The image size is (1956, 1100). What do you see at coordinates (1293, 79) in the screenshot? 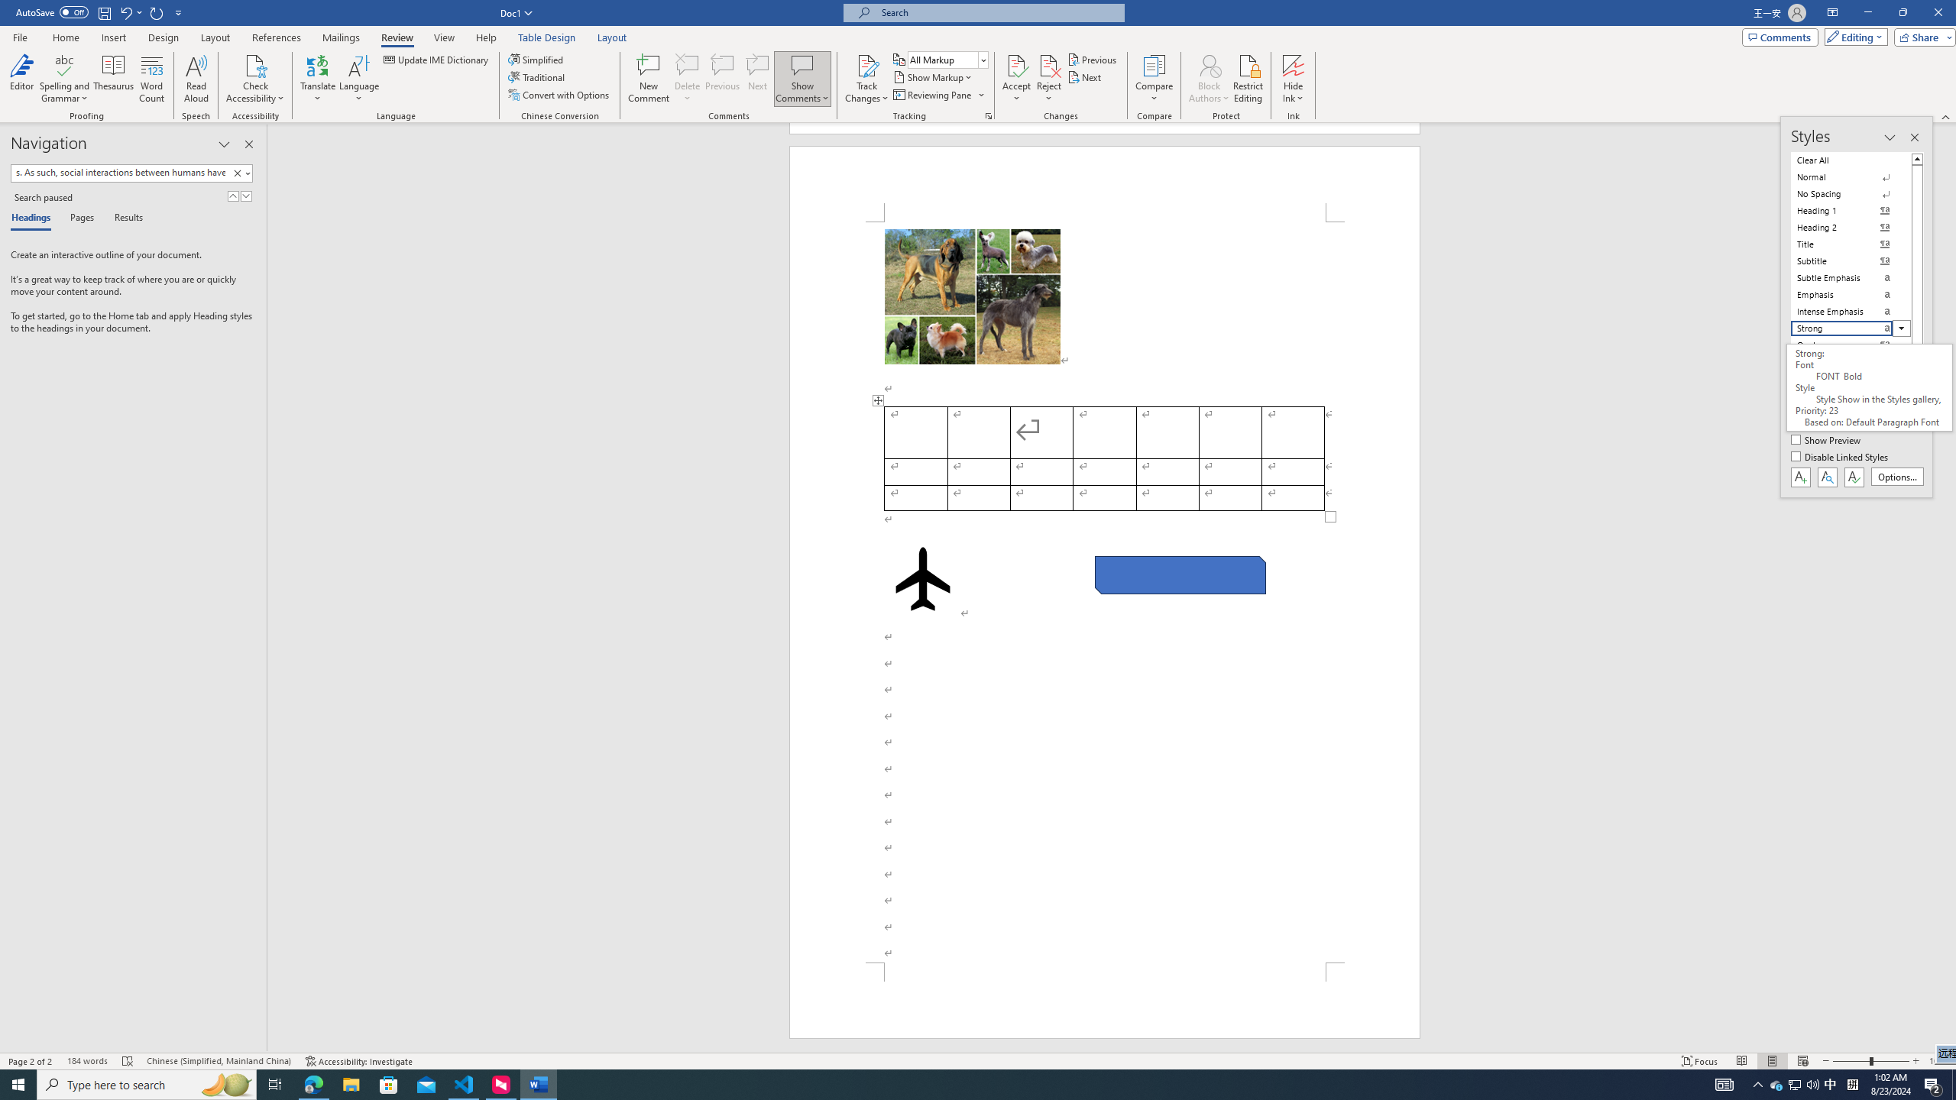
I see `'Hide Ink'` at bounding box center [1293, 79].